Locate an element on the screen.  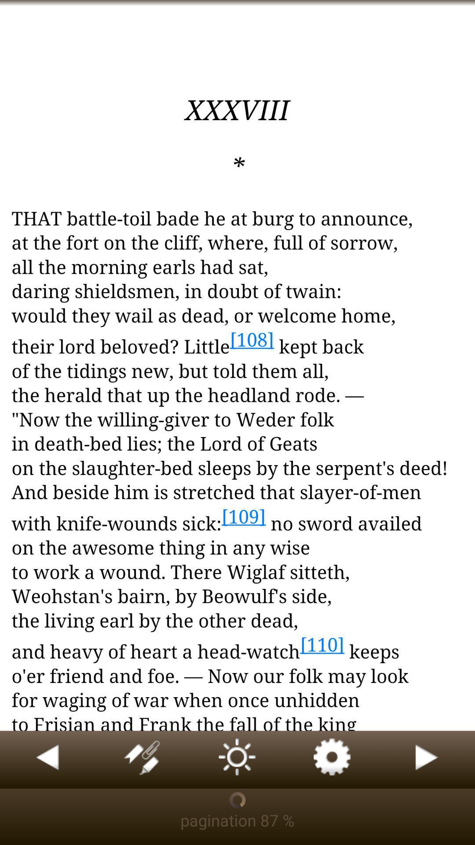
brightness option is located at coordinates (237, 759).